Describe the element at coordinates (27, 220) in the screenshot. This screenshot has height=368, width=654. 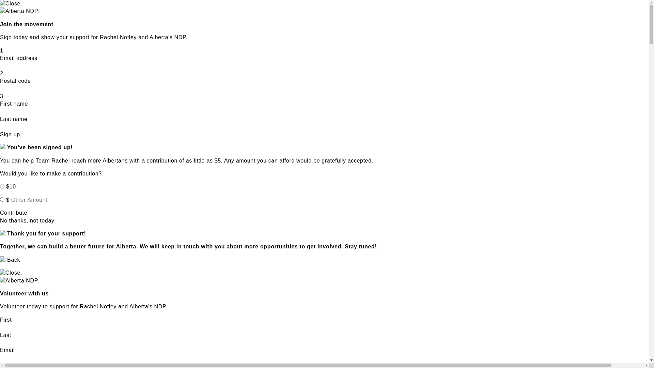
I see `'No thanks, not today'` at that location.